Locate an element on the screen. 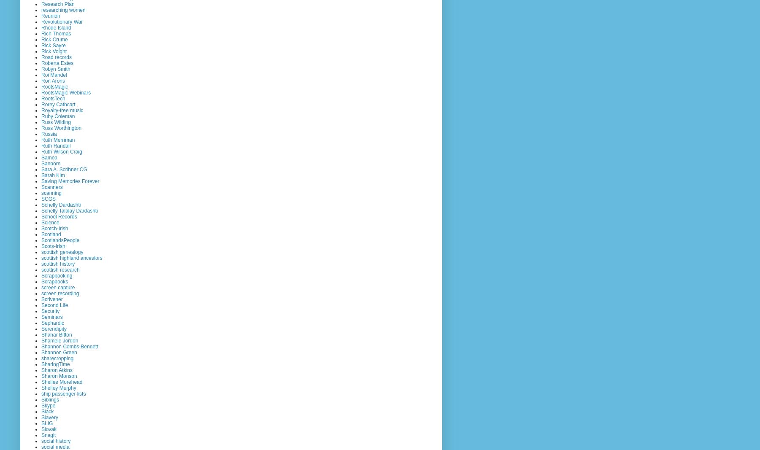  'Serendipity' is located at coordinates (54, 328).